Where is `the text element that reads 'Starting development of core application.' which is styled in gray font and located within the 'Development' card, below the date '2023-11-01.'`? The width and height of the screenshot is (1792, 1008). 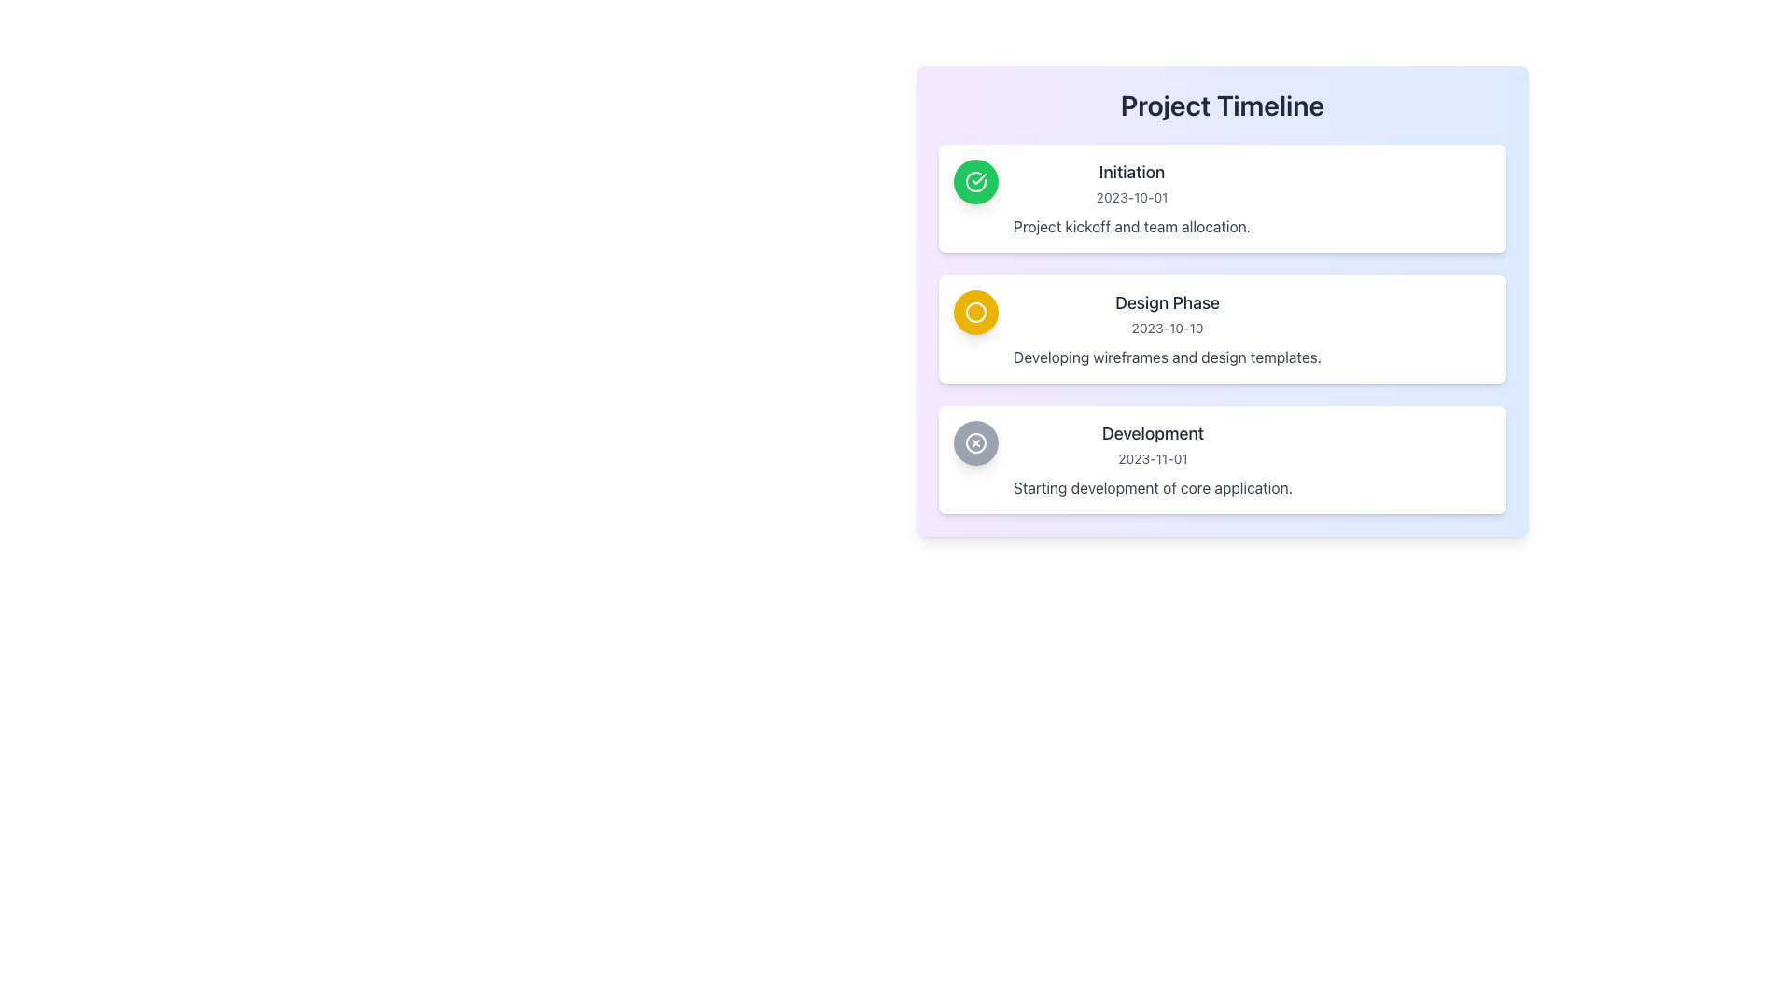 the text element that reads 'Starting development of core application.' which is styled in gray font and located within the 'Development' card, below the date '2023-11-01.' is located at coordinates (1152, 487).